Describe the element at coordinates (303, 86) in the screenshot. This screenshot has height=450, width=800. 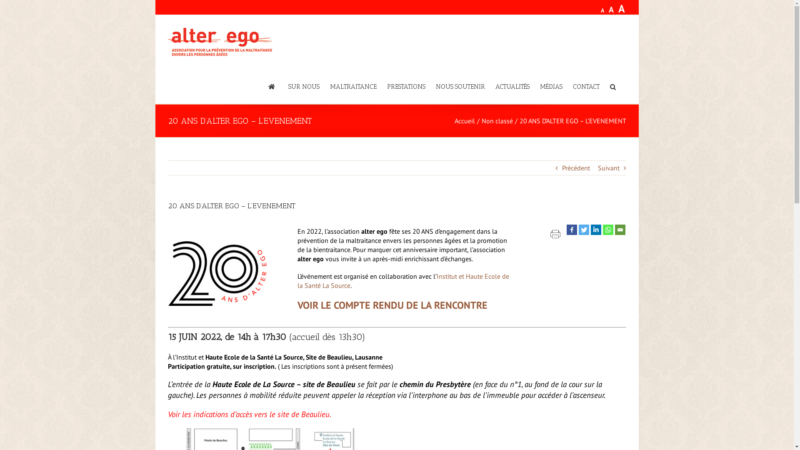
I see `'SUR NOUS'` at that location.